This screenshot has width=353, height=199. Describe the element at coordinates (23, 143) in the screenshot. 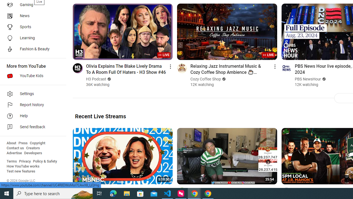

I see `'Press'` at that location.